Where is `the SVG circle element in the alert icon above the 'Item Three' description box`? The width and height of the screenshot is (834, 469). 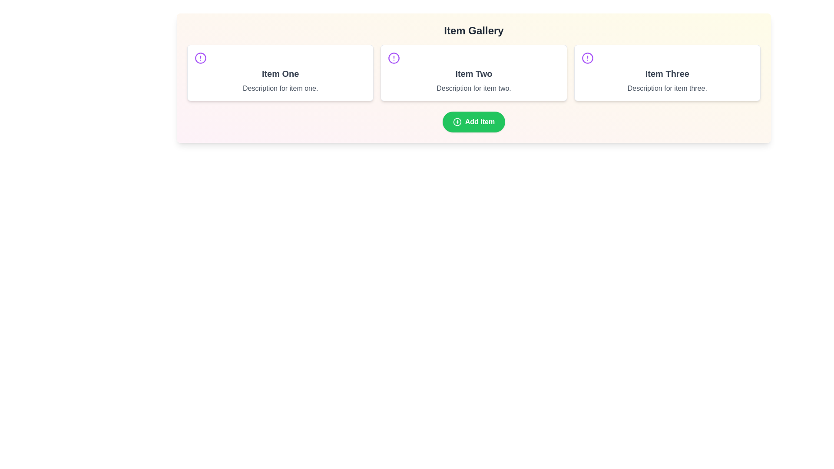 the SVG circle element in the alert icon above the 'Item Three' description box is located at coordinates (587, 58).